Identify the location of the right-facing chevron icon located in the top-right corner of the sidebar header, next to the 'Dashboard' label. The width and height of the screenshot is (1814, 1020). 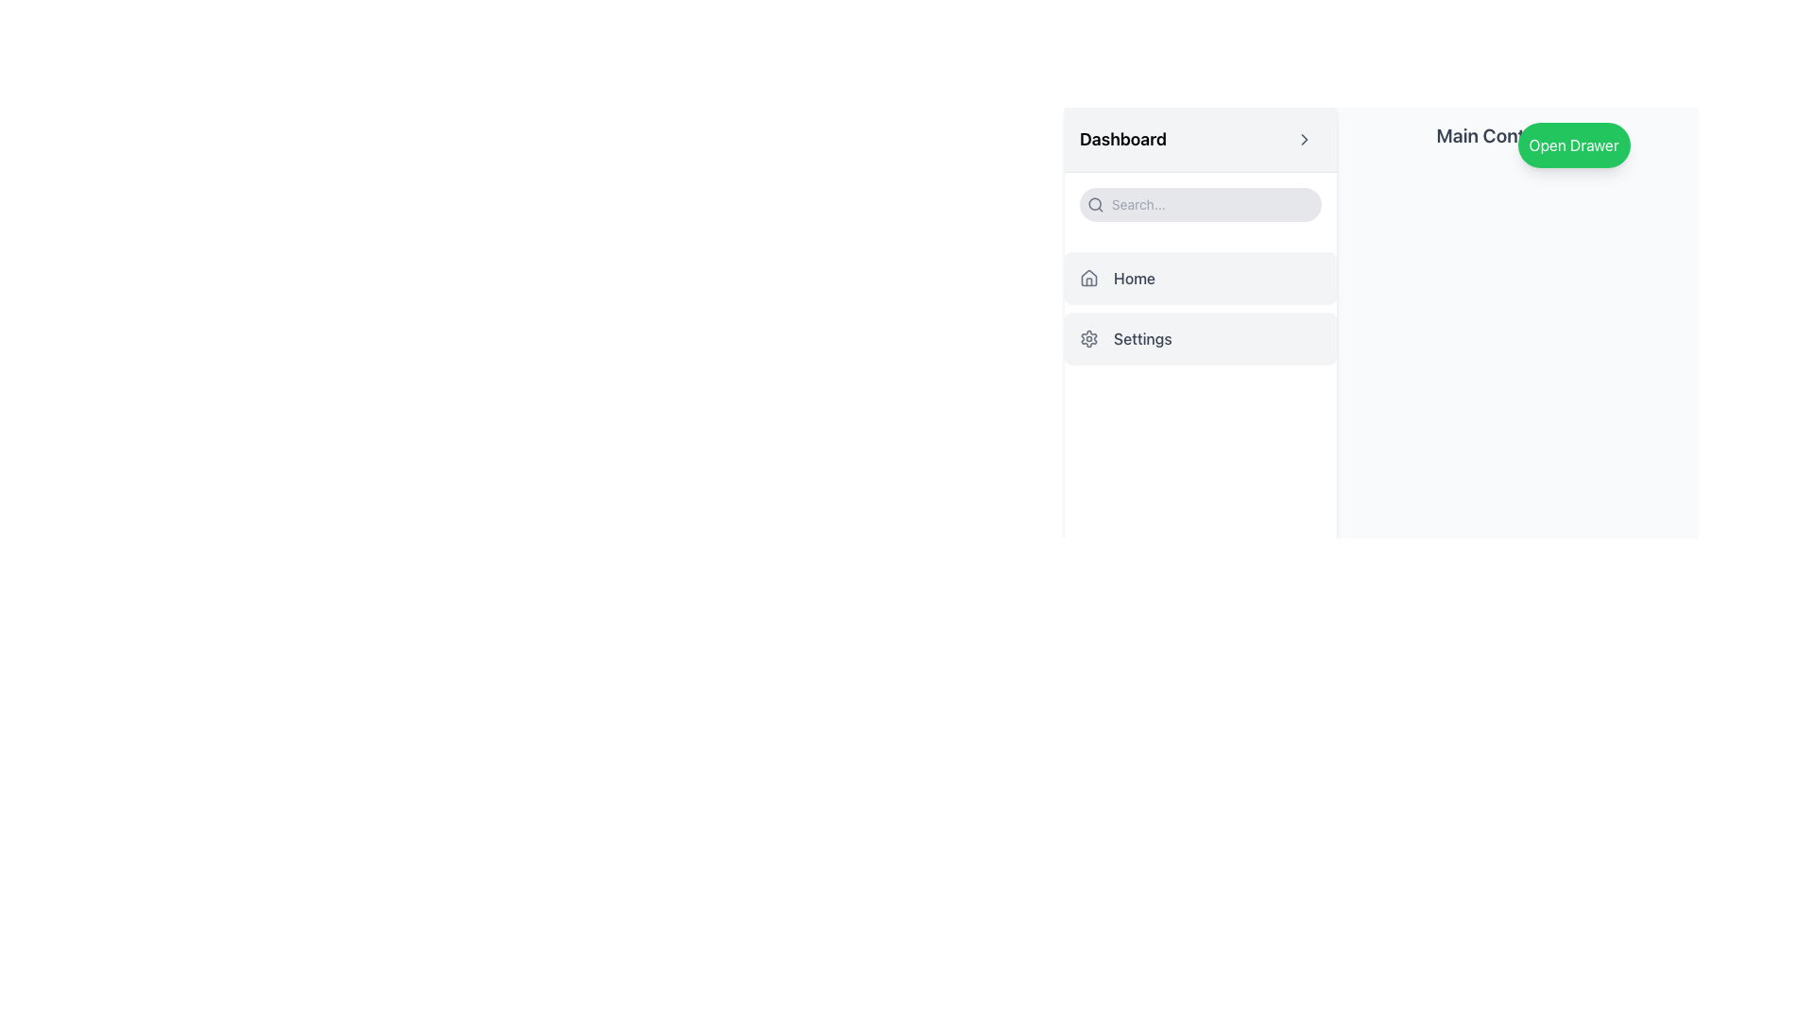
(1304, 138).